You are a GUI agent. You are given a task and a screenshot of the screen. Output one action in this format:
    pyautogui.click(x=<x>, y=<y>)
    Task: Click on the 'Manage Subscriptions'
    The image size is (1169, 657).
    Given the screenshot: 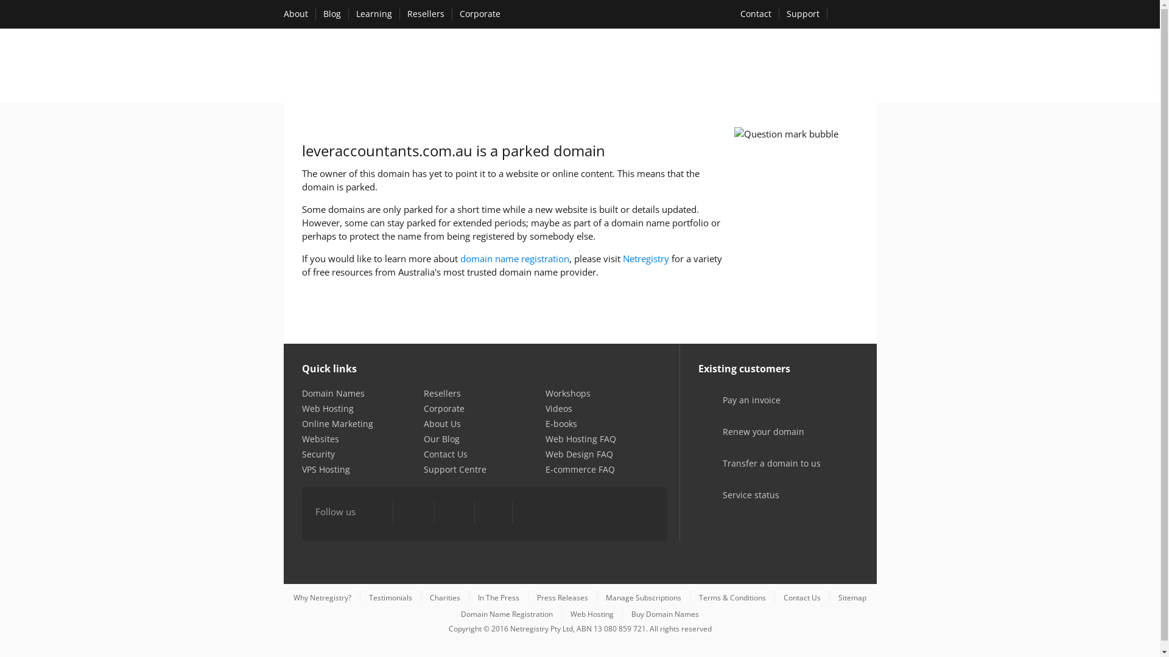 What is the action you would take?
    pyautogui.click(x=605, y=597)
    